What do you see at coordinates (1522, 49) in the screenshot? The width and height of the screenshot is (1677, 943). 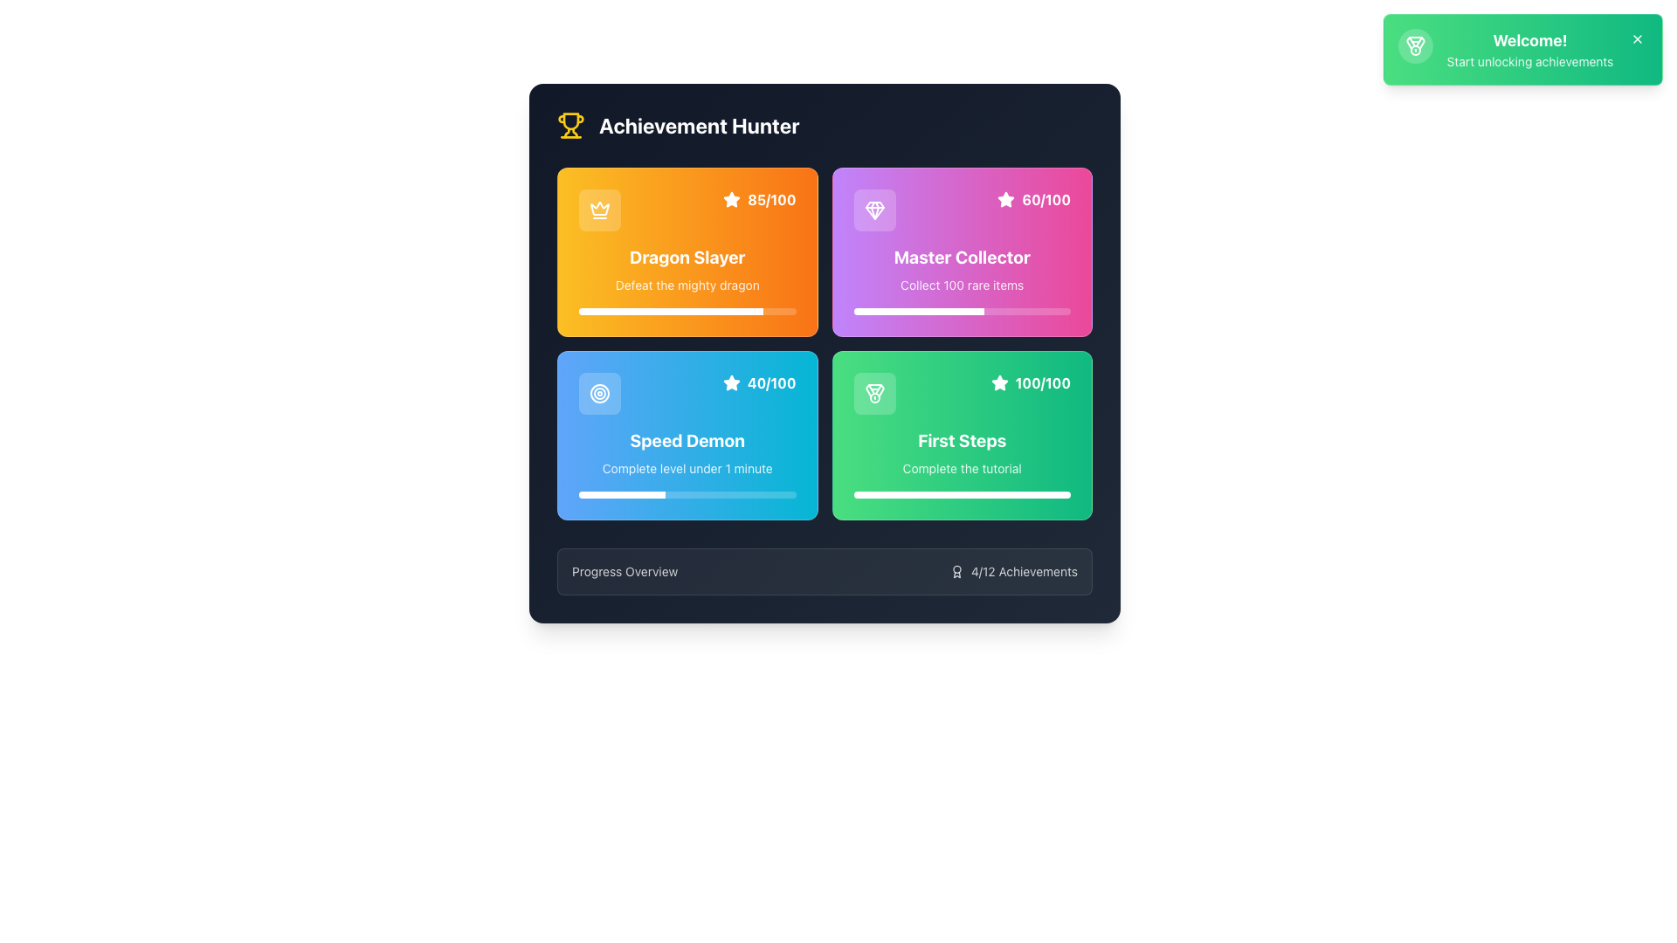 I see `the notification card in the top-right corner of the interface that serves as a welcome message highlighting achievements` at bounding box center [1522, 49].